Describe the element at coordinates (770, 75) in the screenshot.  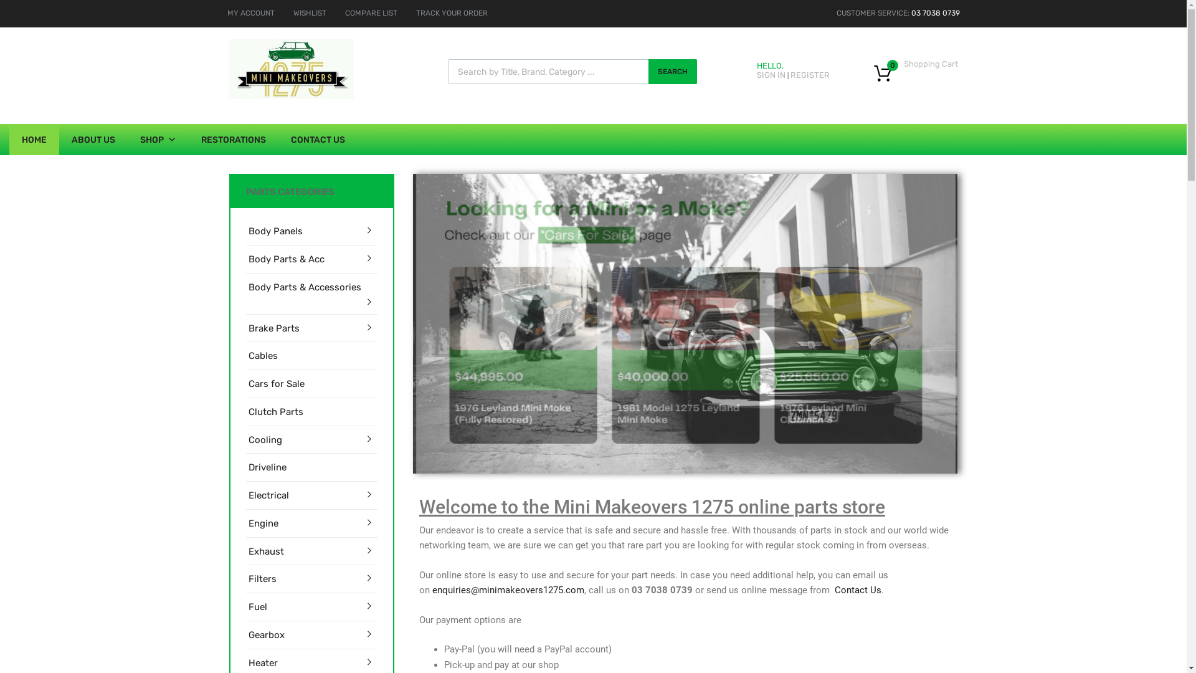
I see `'SIGN IN'` at that location.